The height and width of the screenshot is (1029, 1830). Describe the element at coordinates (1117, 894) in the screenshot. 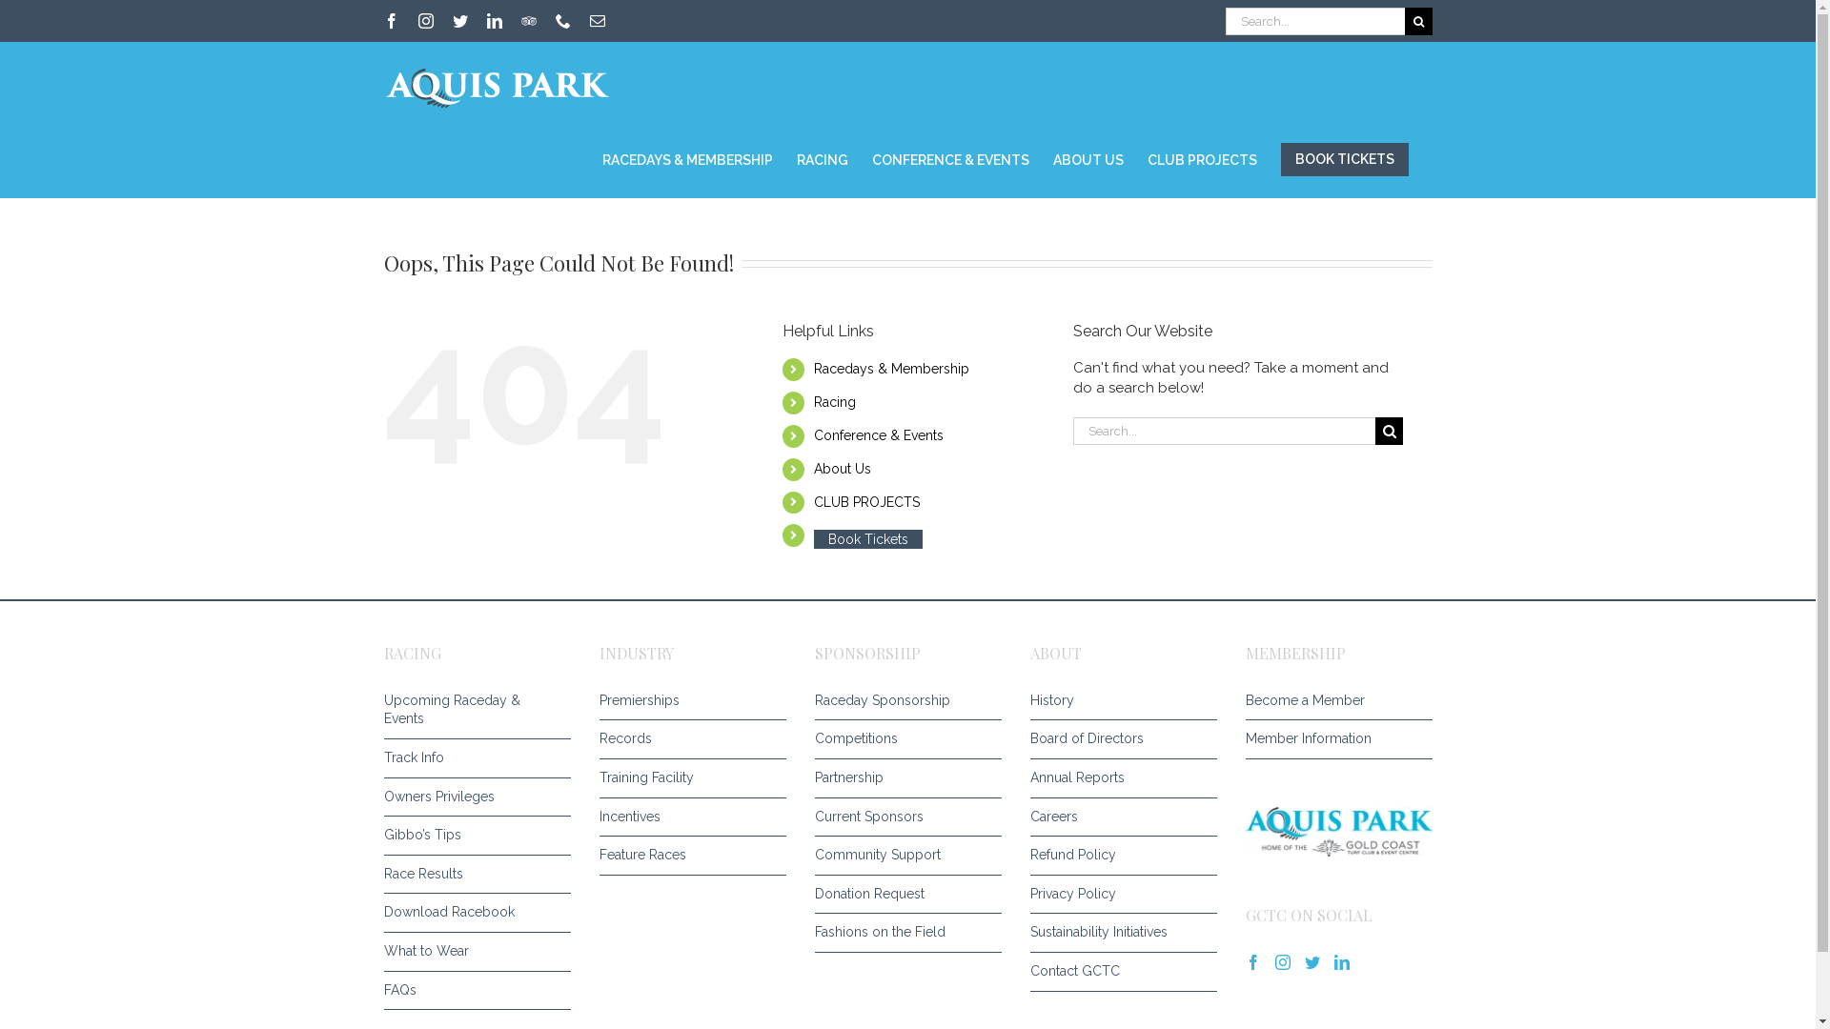

I see `'Privacy Policy'` at that location.